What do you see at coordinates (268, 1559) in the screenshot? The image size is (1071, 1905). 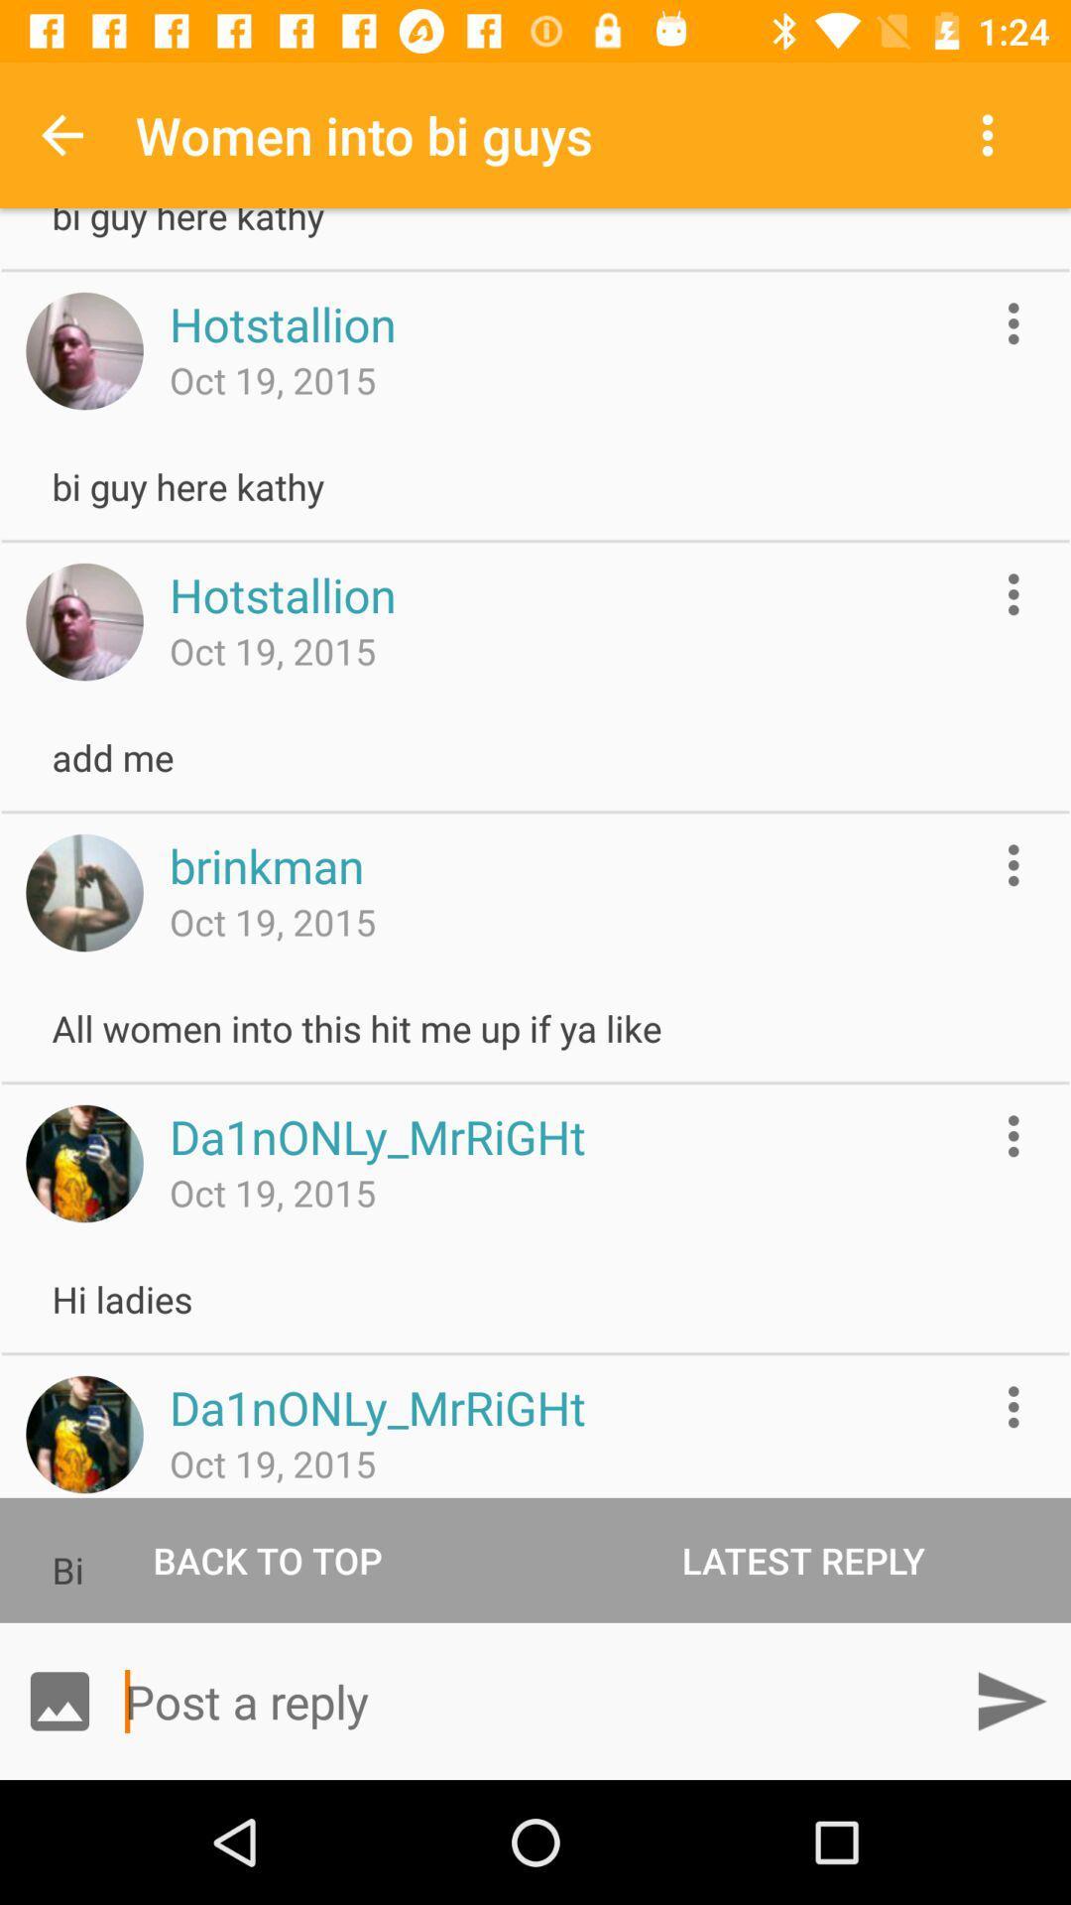 I see `icon next to the latest reply icon` at bounding box center [268, 1559].